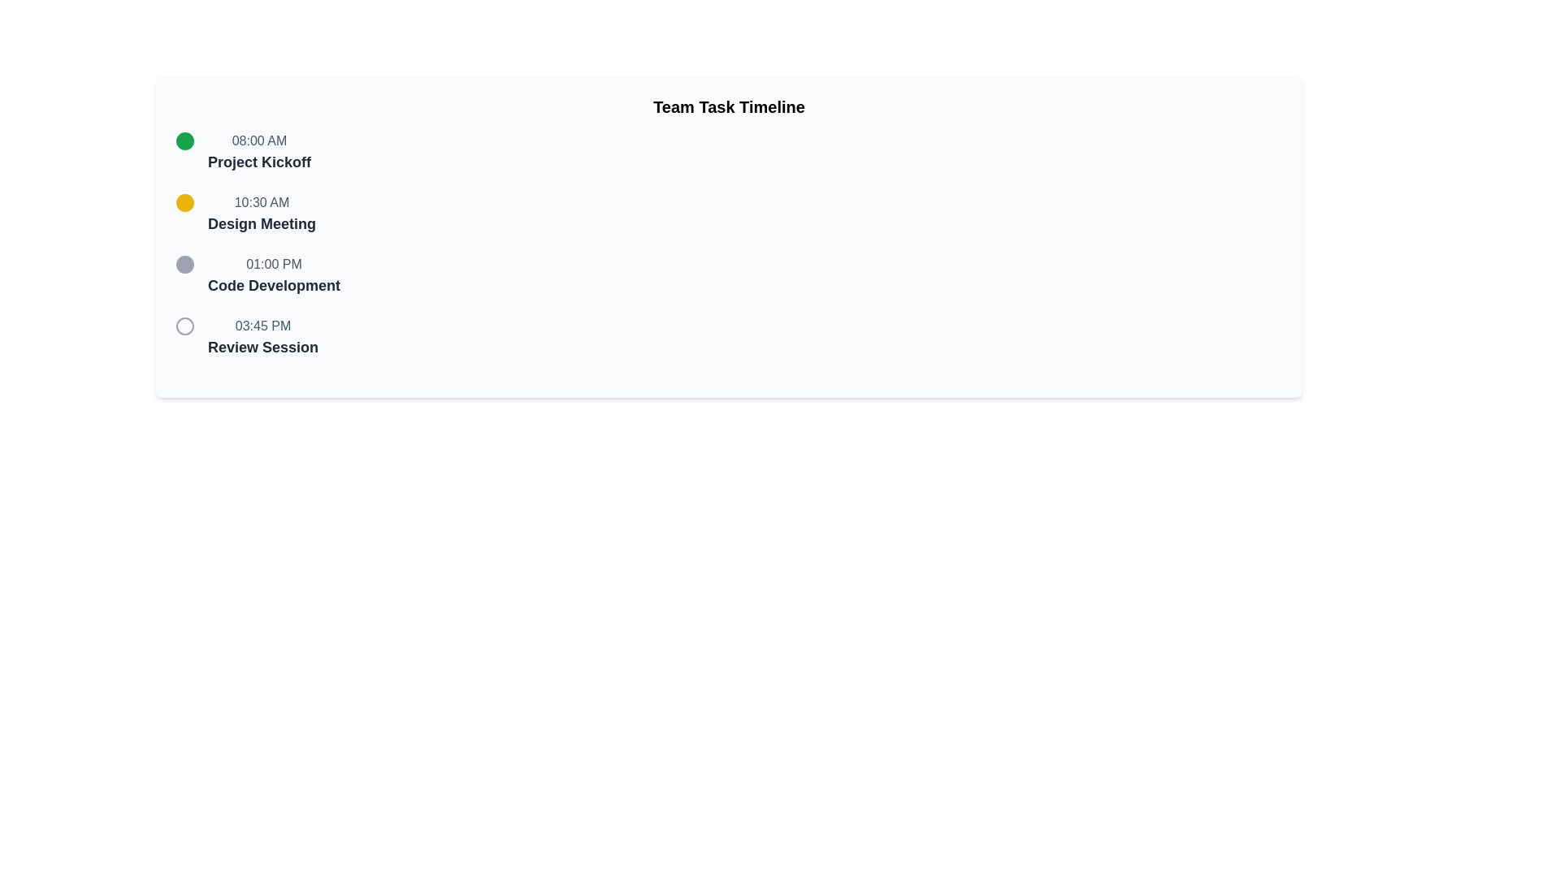 Image resolution: width=1560 pixels, height=877 pixels. What do you see at coordinates (274, 284) in the screenshot?
I see `the Text Label that describes the timeline entry for '01:00 PM', which indicates the scheduled activity 'Code Development'` at bounding box center [274, 284].